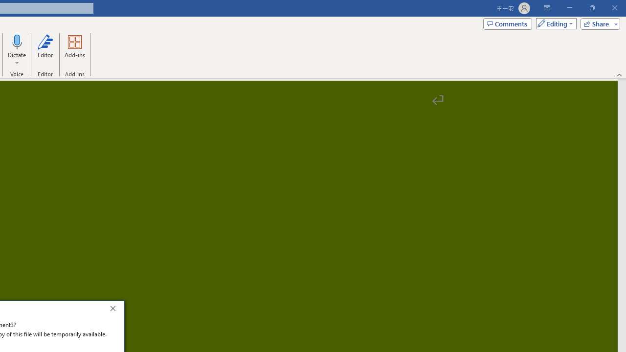 Image resolution: width=626 pixels, height=352 pixels. What do you see at coordinates (598, 23) in the screenshot?
I see `'Share'` at bounding box center [598, 23].